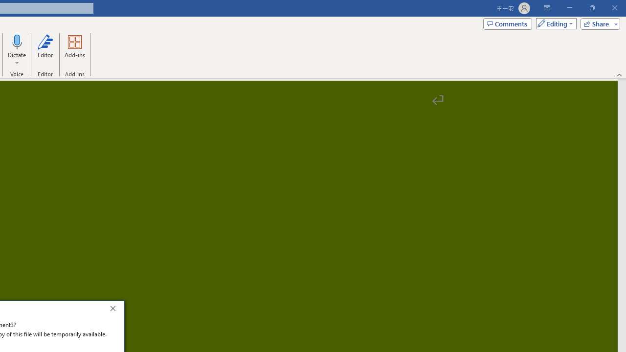 Image resolution: width=626 pixels, height=352 pixels. What do you see at coordinates (598, 23) in the screenshot?
I see `'Share'` at bounding box center [598, 23].